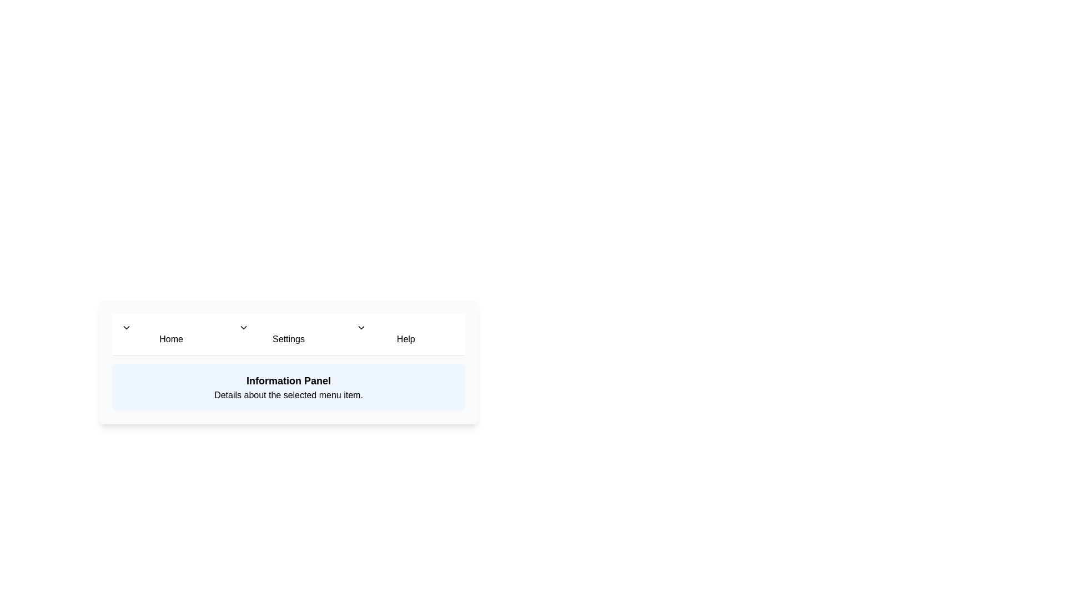 The width and height of the screenshot is (1066, 599). What do you see at coordinates (288, 333) in the screenshot?
I see `the menu item Settings to preview its effect` at bounding box center [288, 333].